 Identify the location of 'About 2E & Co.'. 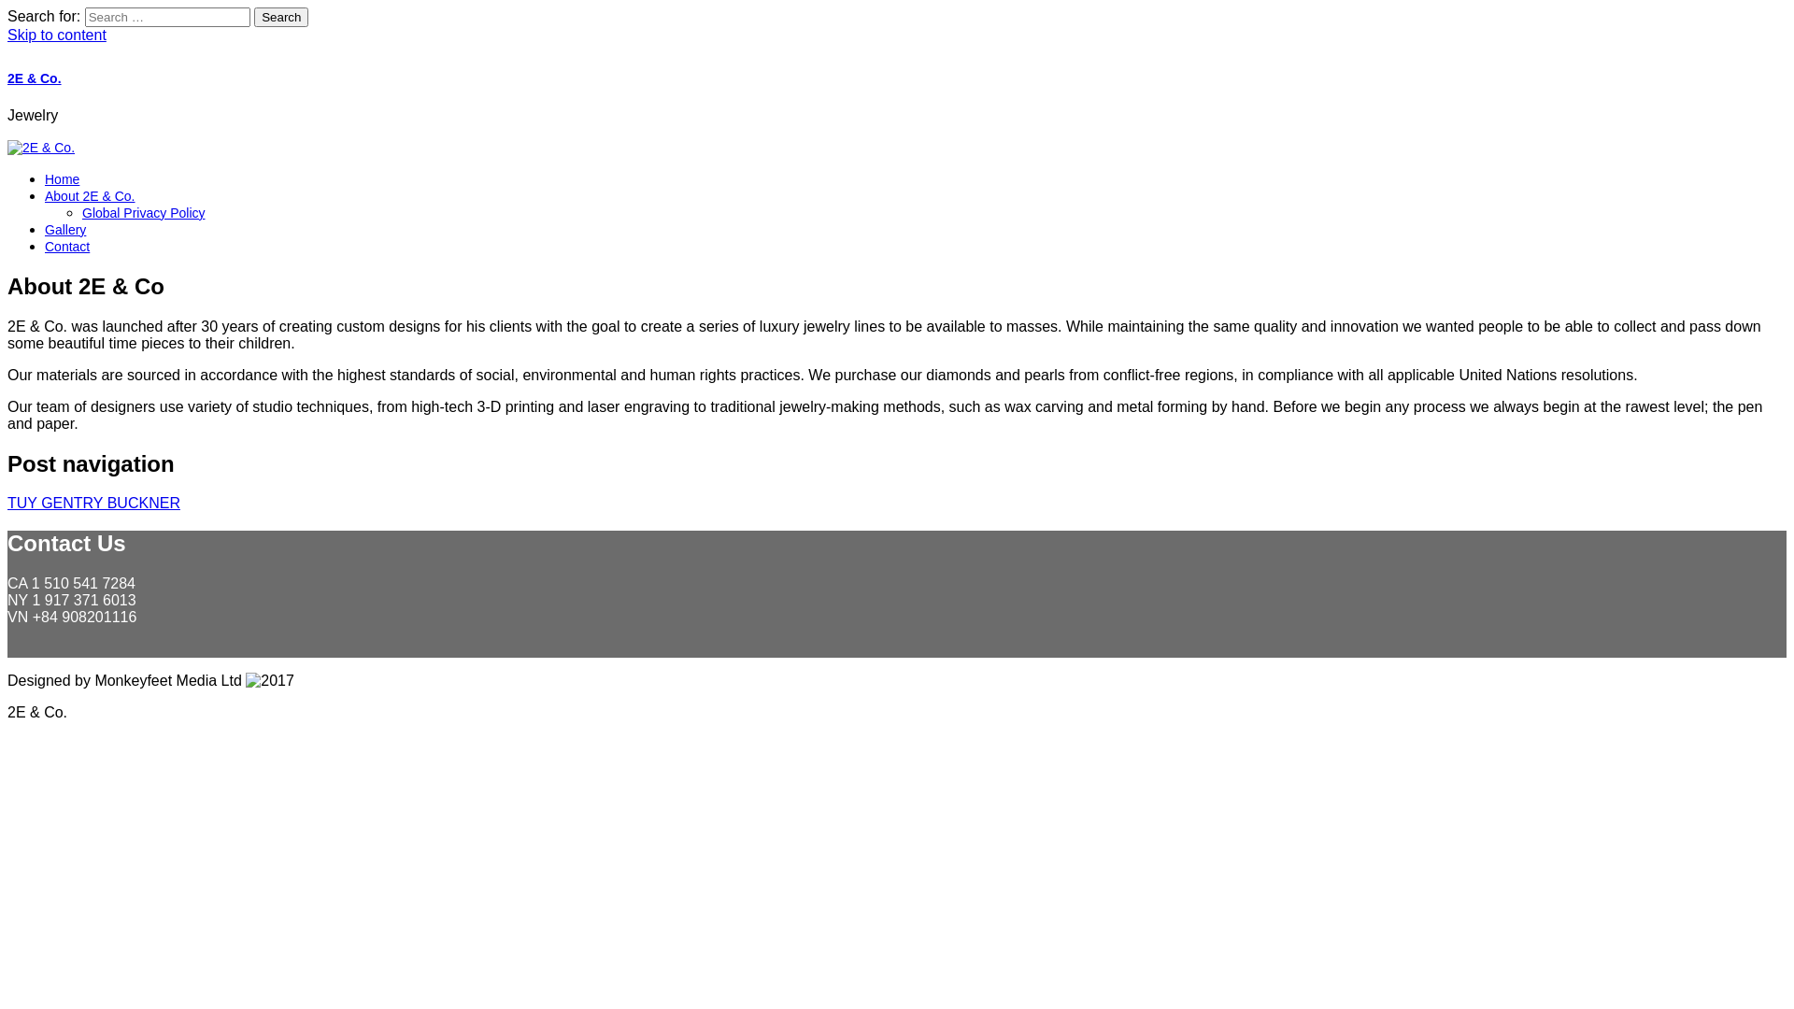
(89, 195).